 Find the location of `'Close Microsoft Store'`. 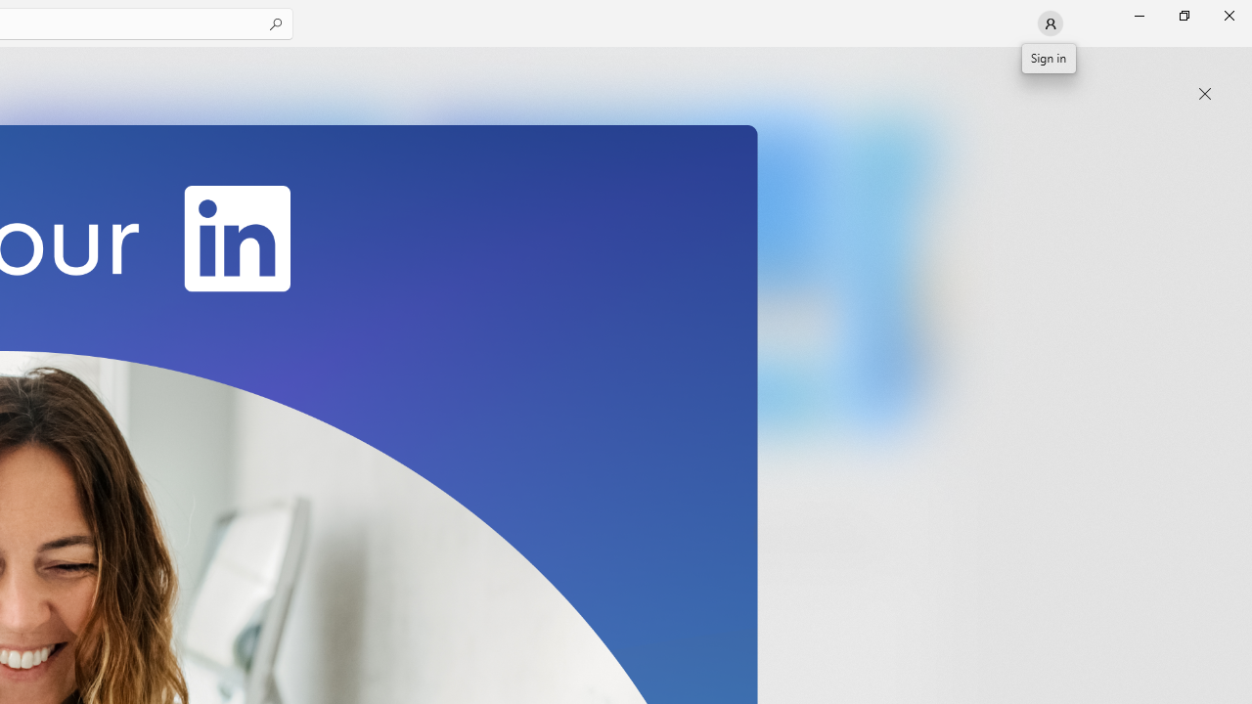

'Close Microsoft Store' is located at coordinates (1228, 15).